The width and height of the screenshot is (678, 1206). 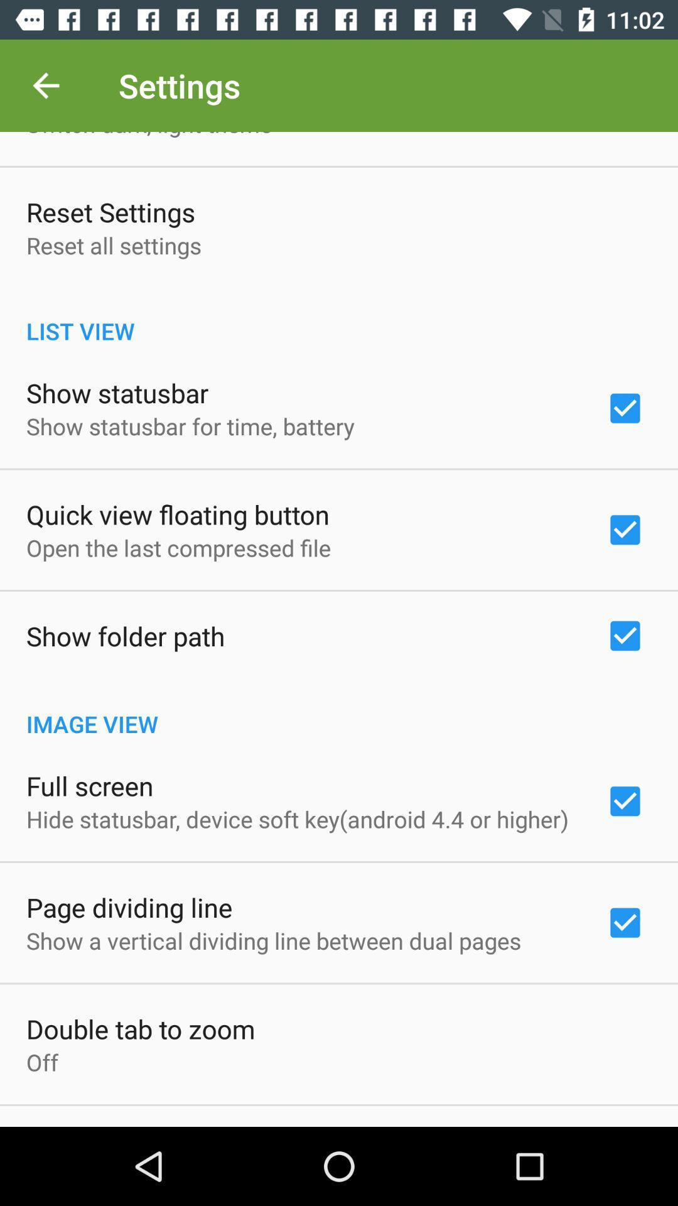 What do you see at coordinates (178, 514) in the screenshot?
I see `the quick view floating` at bounding box center [178, 514].